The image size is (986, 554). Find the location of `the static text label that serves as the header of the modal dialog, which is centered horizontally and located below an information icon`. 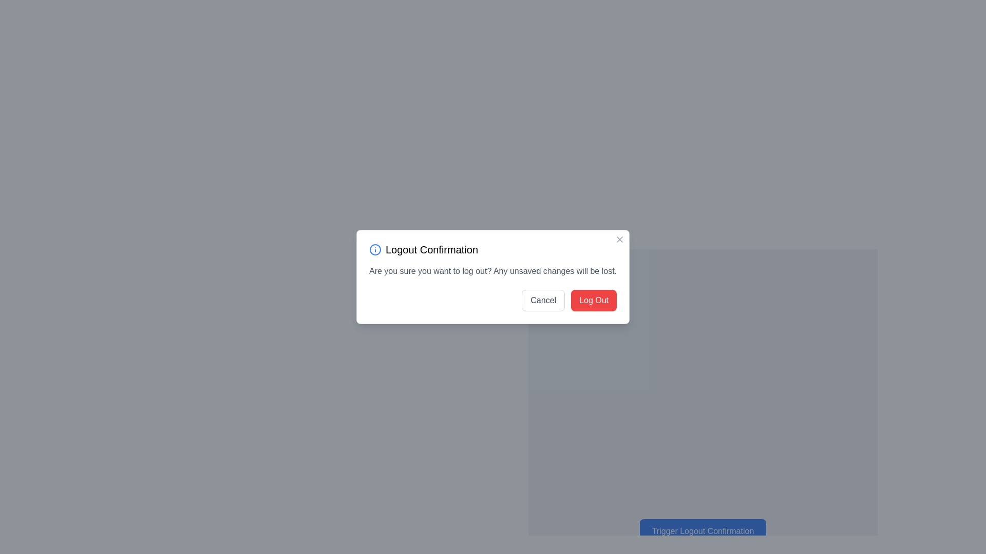

the static text label that serves as the header of the modal dialog, which is centered horizontally and located below an information icon is located at coordinates (431, 249).